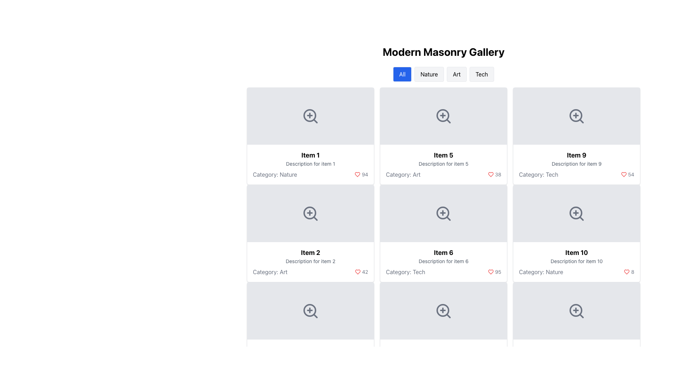 This screenshot has width=683, height=384. What do you see at coordinates (581, 218) in the screenshot?
I see `the diagonal line of the magnifying glass icon located in the lower-right grid item titled 'Item 10' in the gallery layout` at bounding box center [581, 218].